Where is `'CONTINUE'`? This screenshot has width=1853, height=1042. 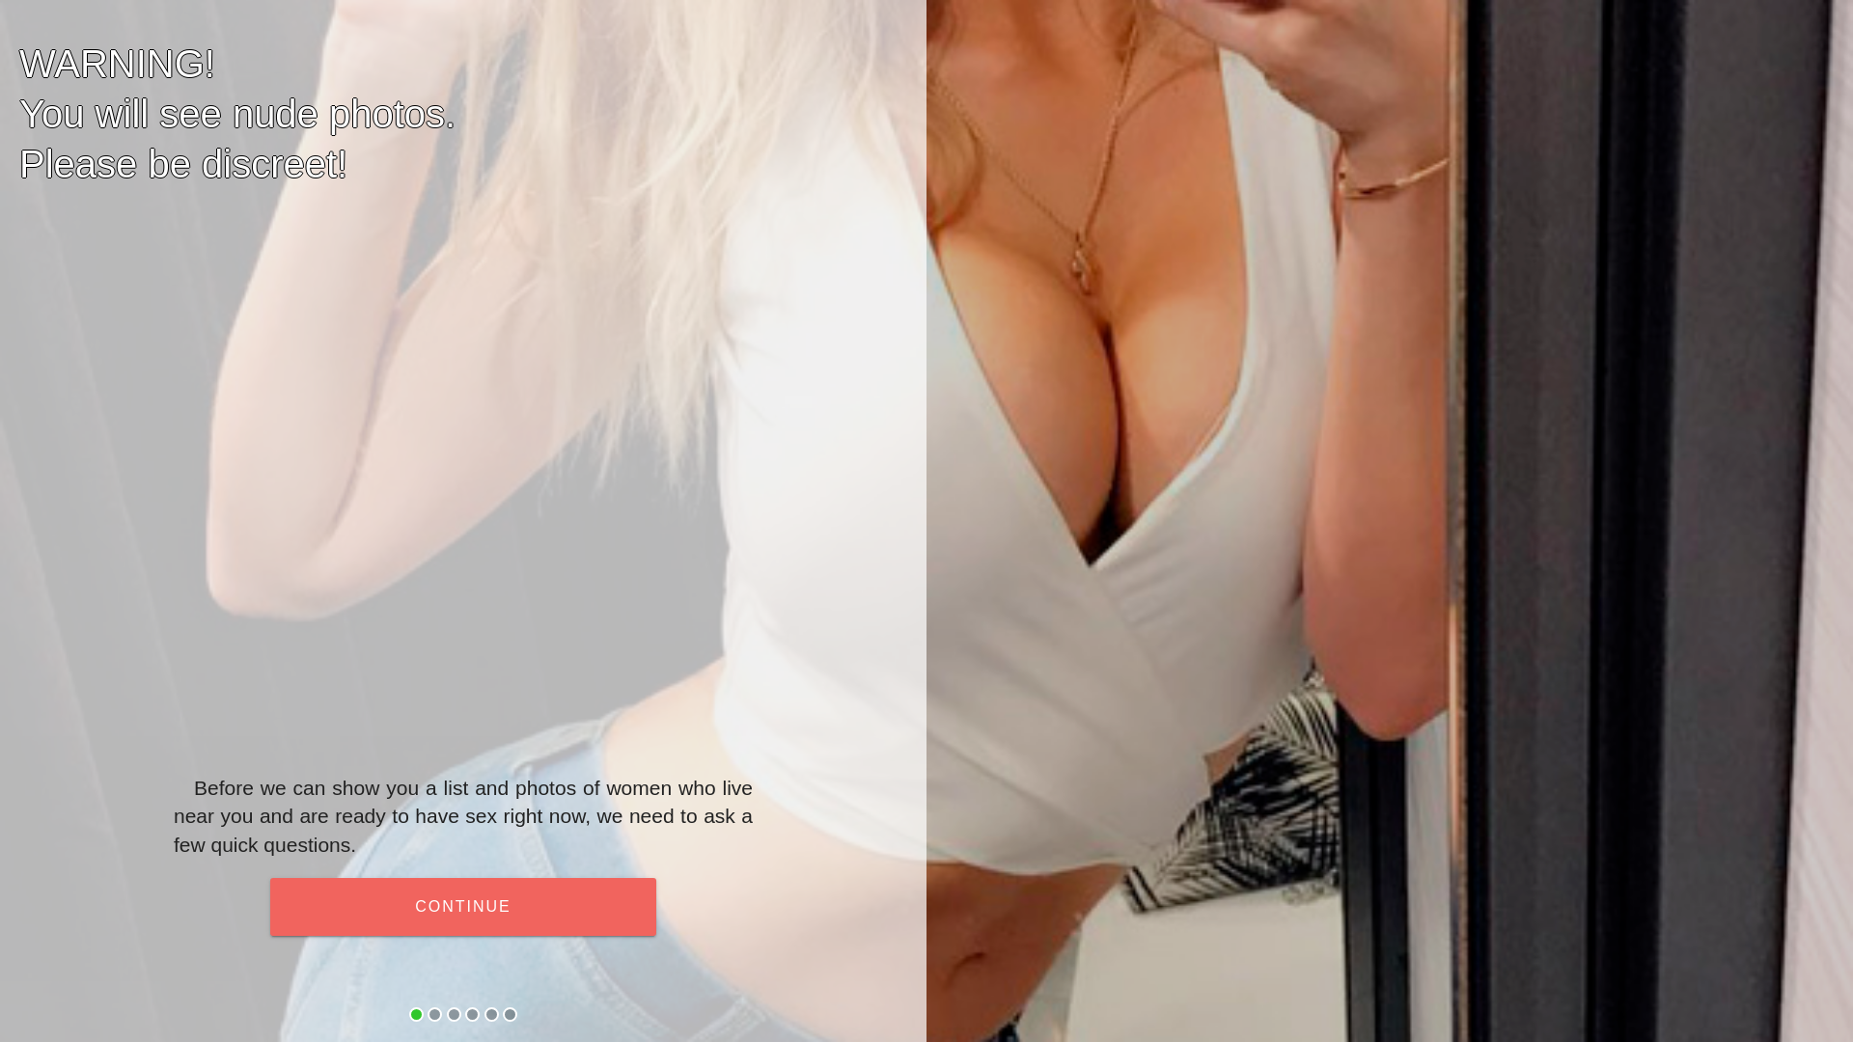 'CONTINUE' is located at coordinates (463, 907).